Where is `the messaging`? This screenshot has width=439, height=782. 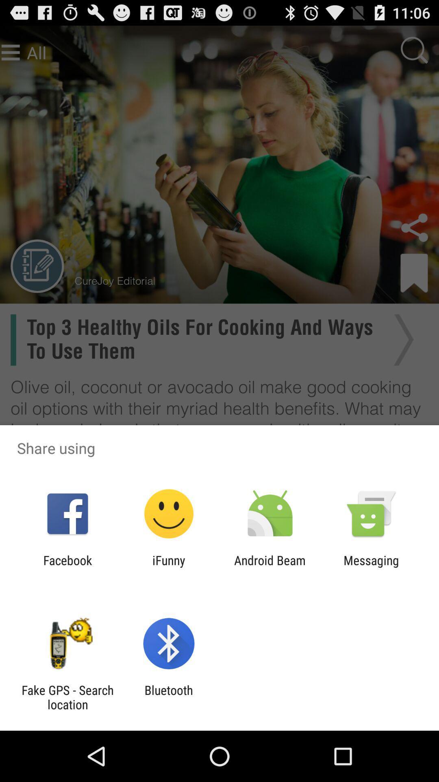
the messaging is located at coordinates (371, 567).